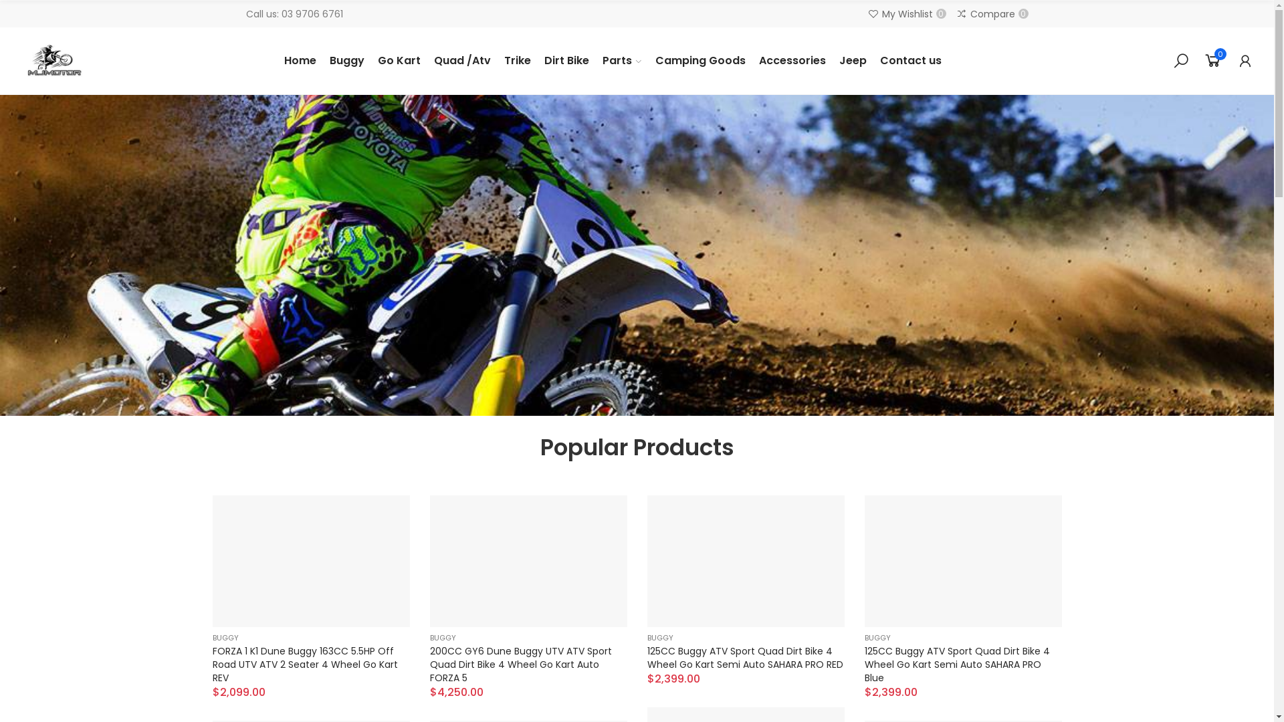  Describe the element at coordinates (792, 61) in the screenshot. I see `'Accessories'` at that location.